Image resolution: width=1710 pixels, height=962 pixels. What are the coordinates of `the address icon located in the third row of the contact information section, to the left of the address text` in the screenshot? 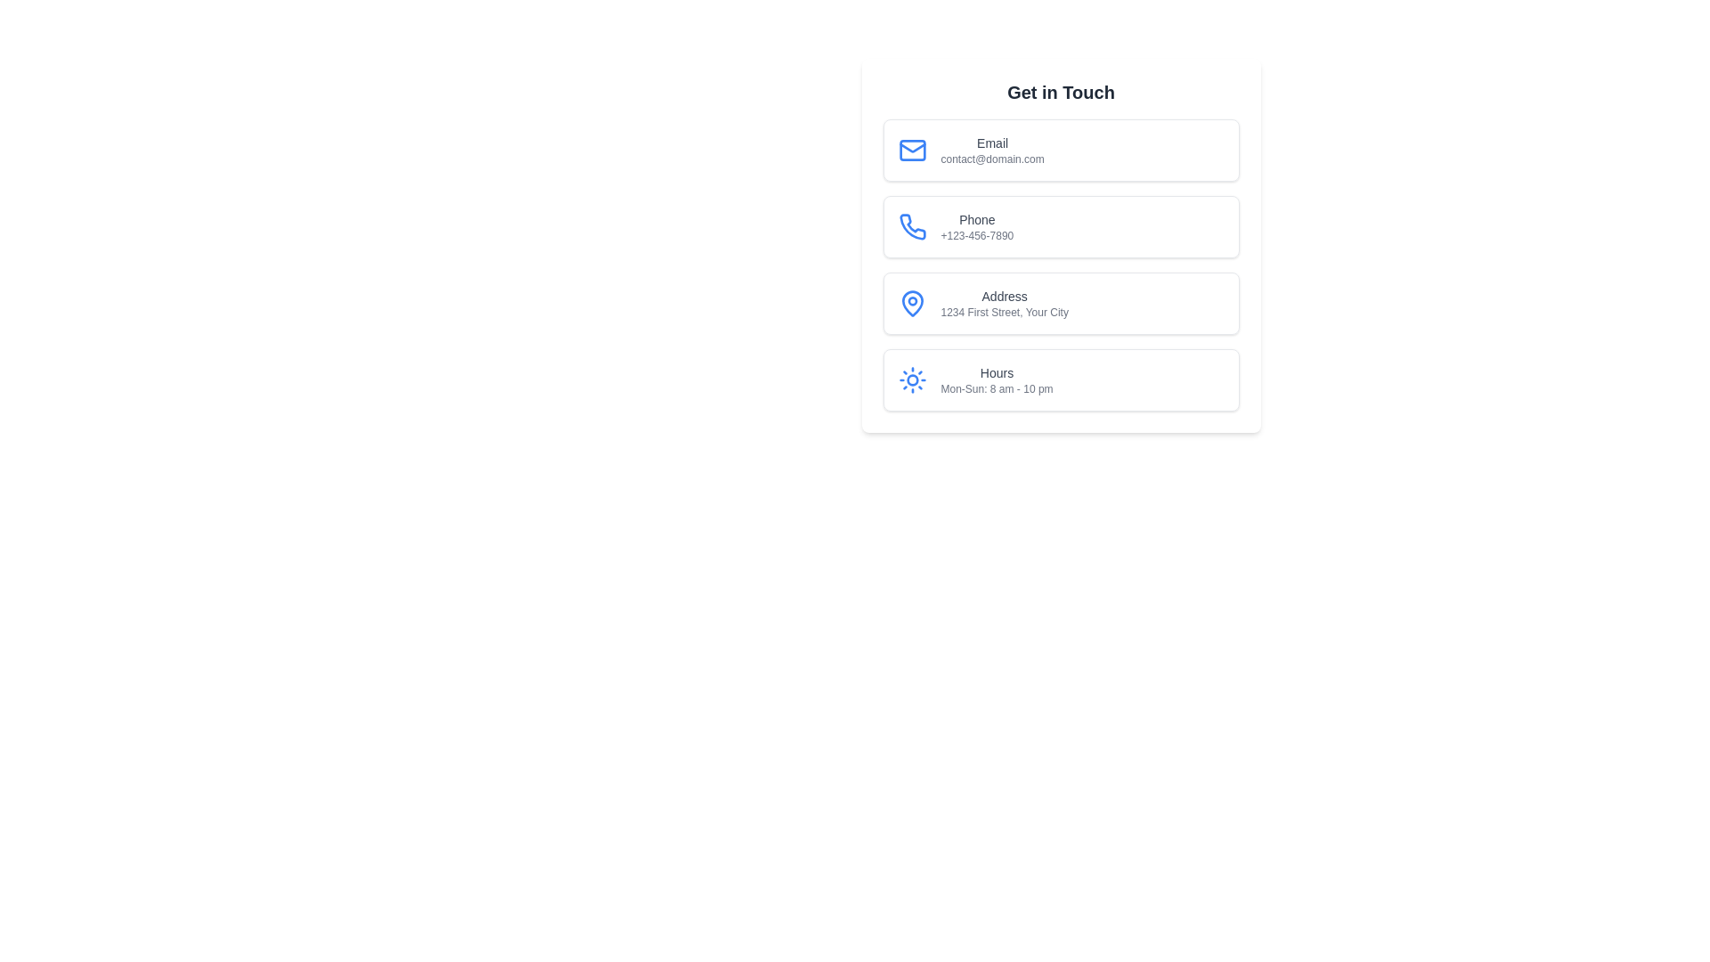 It's located at (912, 302).